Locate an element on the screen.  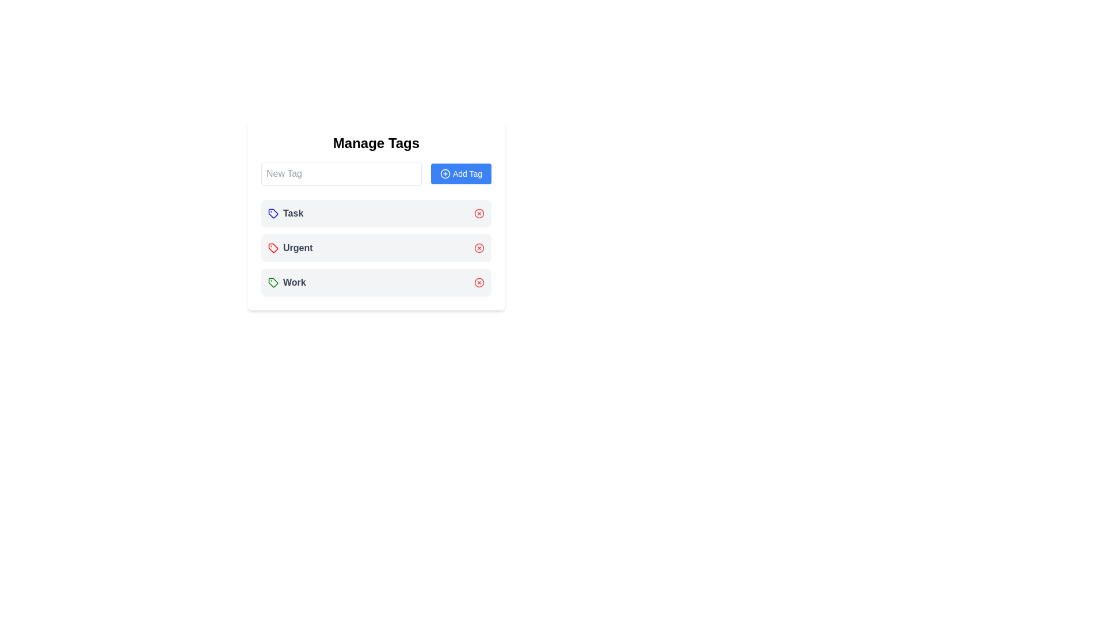
the first A tag card with a rounded-corner design, containing a blue tag icon and the text 'Task' is located at coordinates (376, 213).